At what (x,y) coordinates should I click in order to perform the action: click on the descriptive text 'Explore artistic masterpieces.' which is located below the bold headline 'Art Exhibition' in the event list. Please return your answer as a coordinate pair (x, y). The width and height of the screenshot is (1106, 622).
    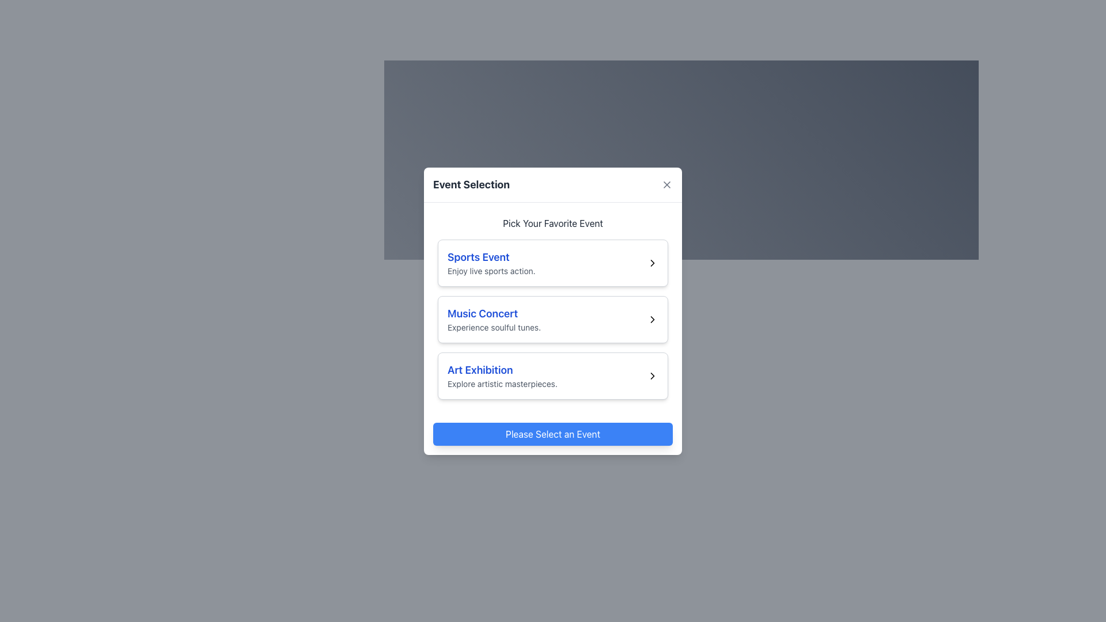
    Looking at the image, I should click on (502, 384).